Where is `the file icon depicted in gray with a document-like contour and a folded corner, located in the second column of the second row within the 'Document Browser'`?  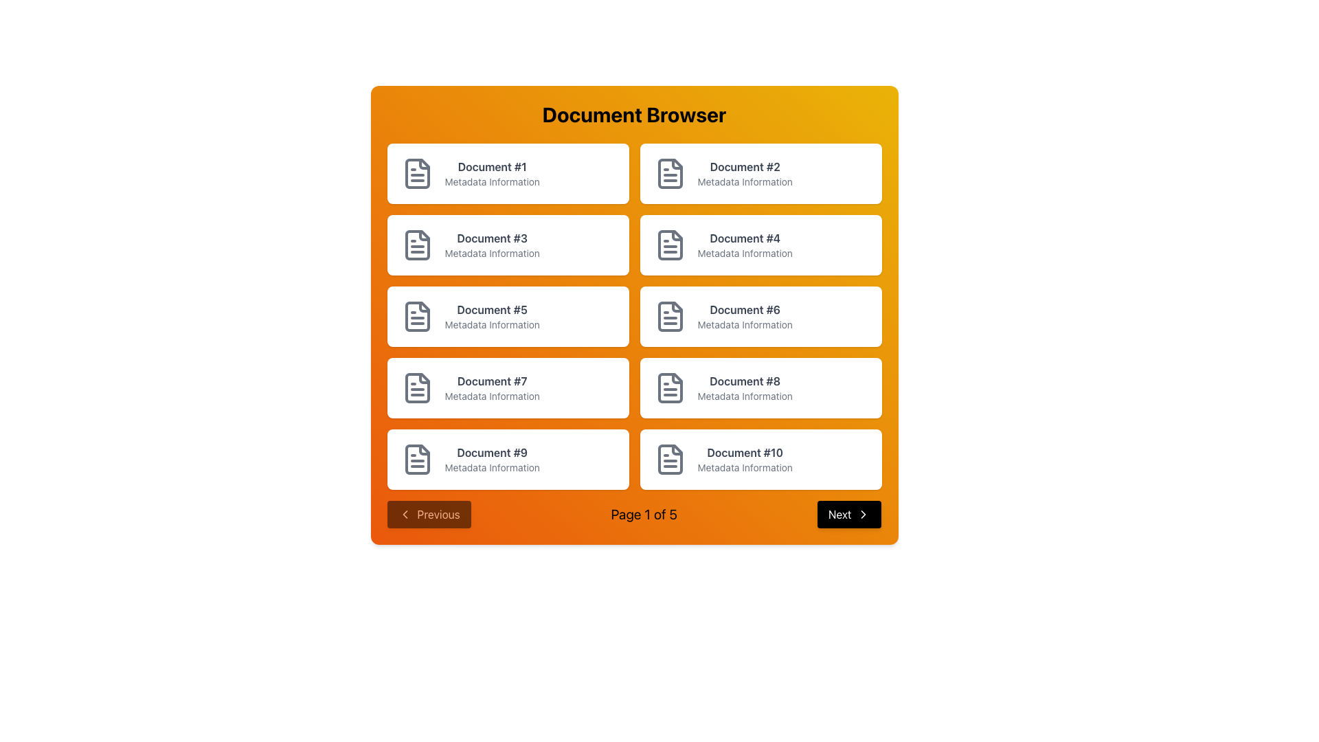
the file icon depicted in gray with a document-like contour and a folded corner, located in the second column of the second row within the 'Document Browser' is located at coordinates (670, 245).